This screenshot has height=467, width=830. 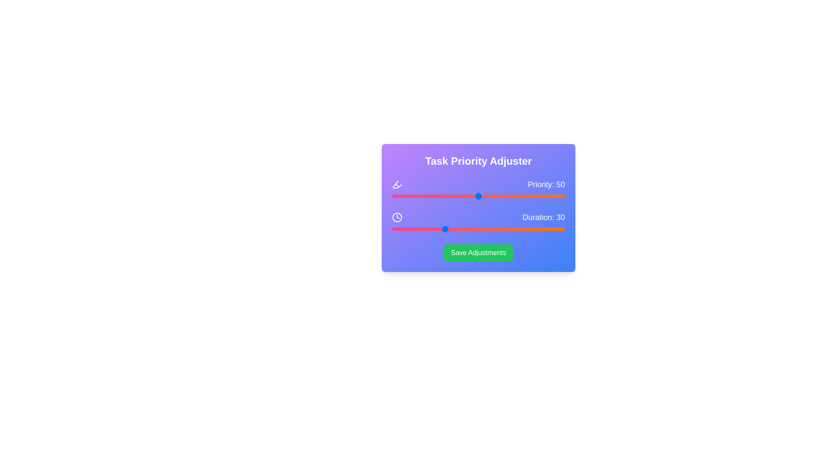 What do you see at coordinates (395, 228) in the screenshot?
I see `the 'Duration' slider to 2 value` at bounding box center [395, 228].